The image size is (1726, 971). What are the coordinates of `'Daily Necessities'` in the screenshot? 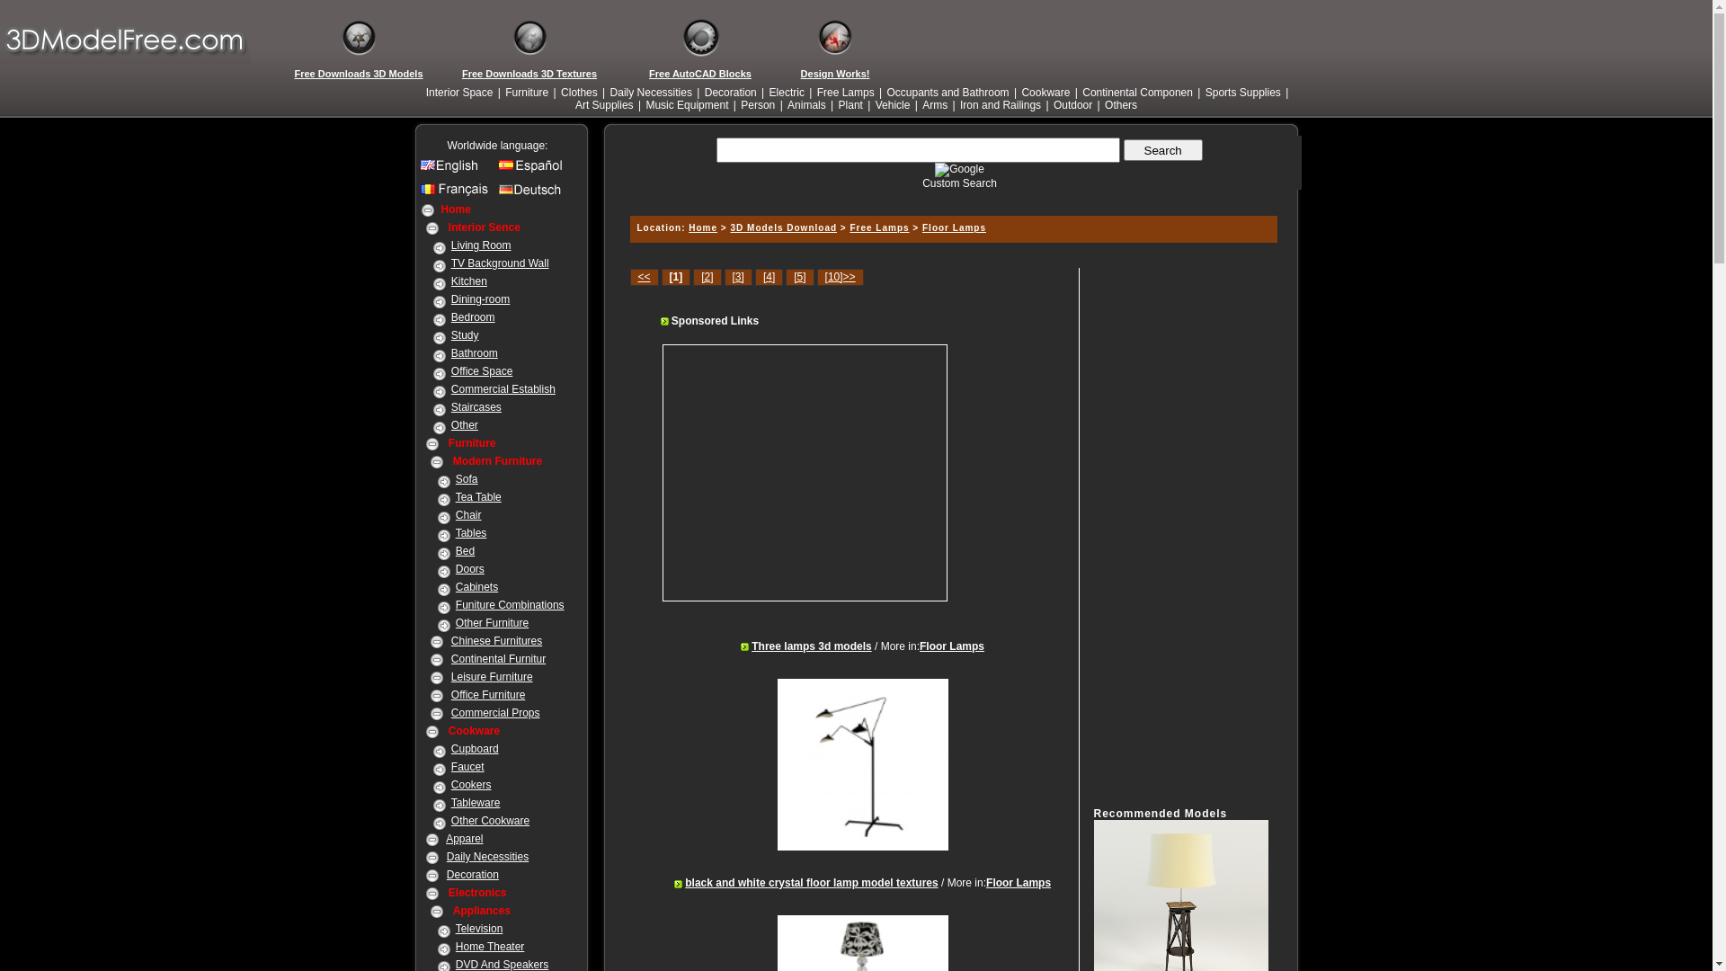 It's located at (487, 855).